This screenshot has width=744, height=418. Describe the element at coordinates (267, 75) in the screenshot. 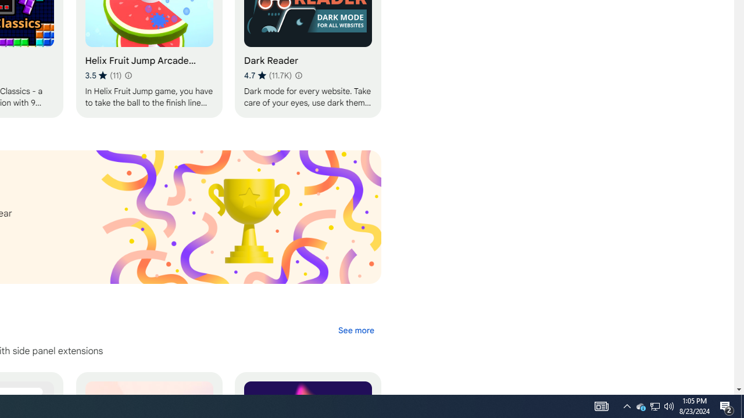

I see `'Average rating 4.7 out of 5 stars. 11.7K ratings.'` at that location.